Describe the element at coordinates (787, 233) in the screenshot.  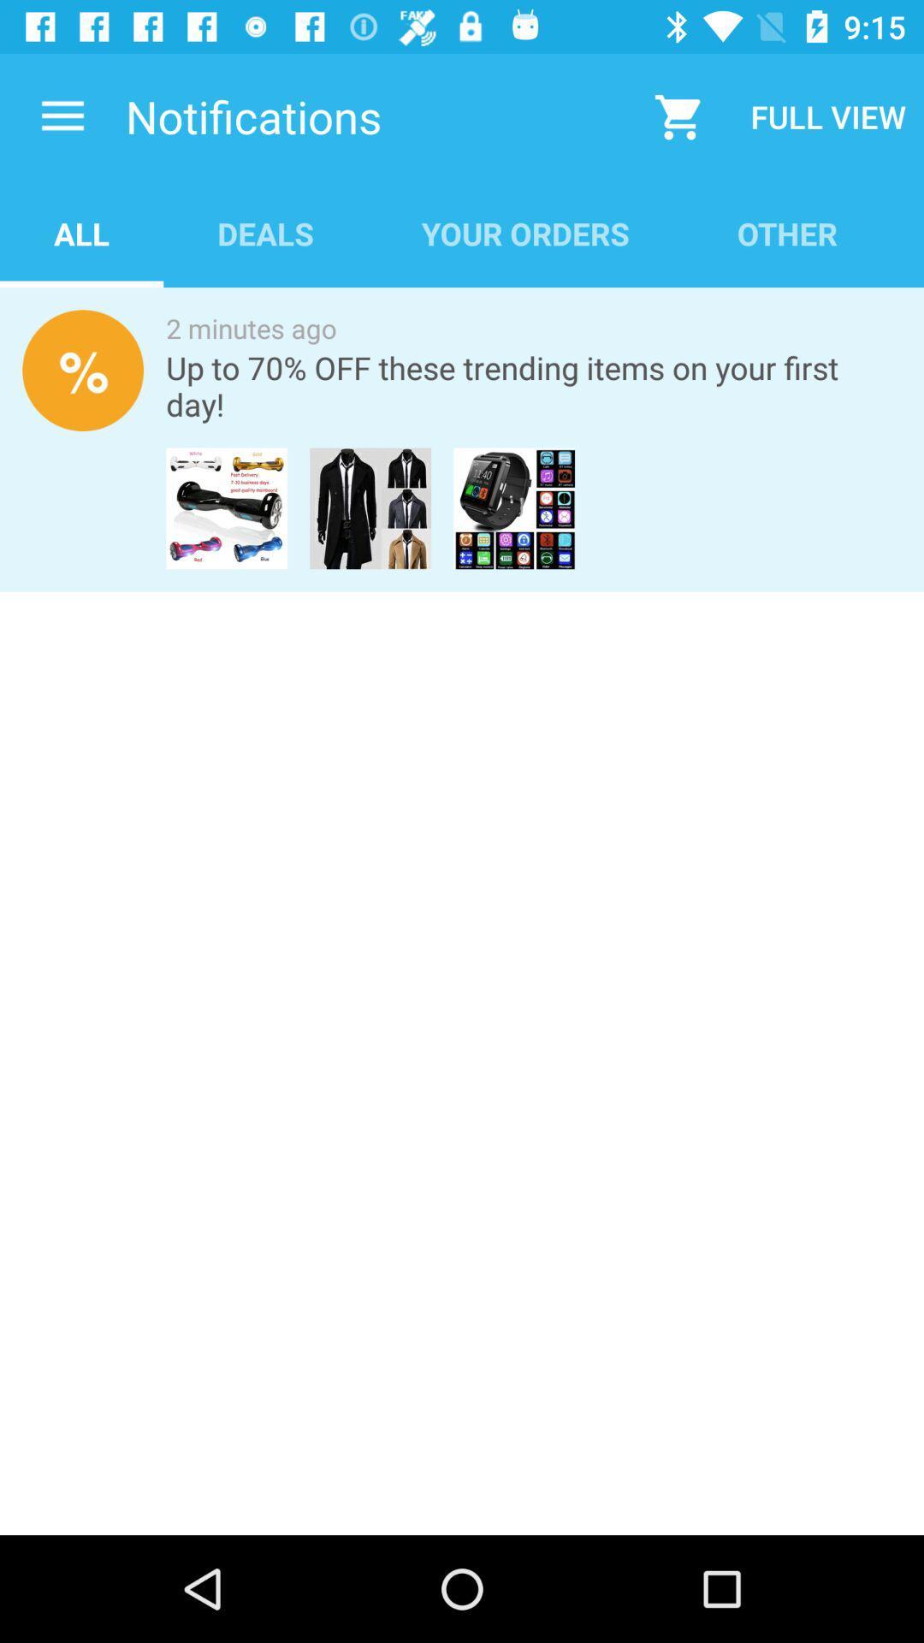
I see `other app` at that location.